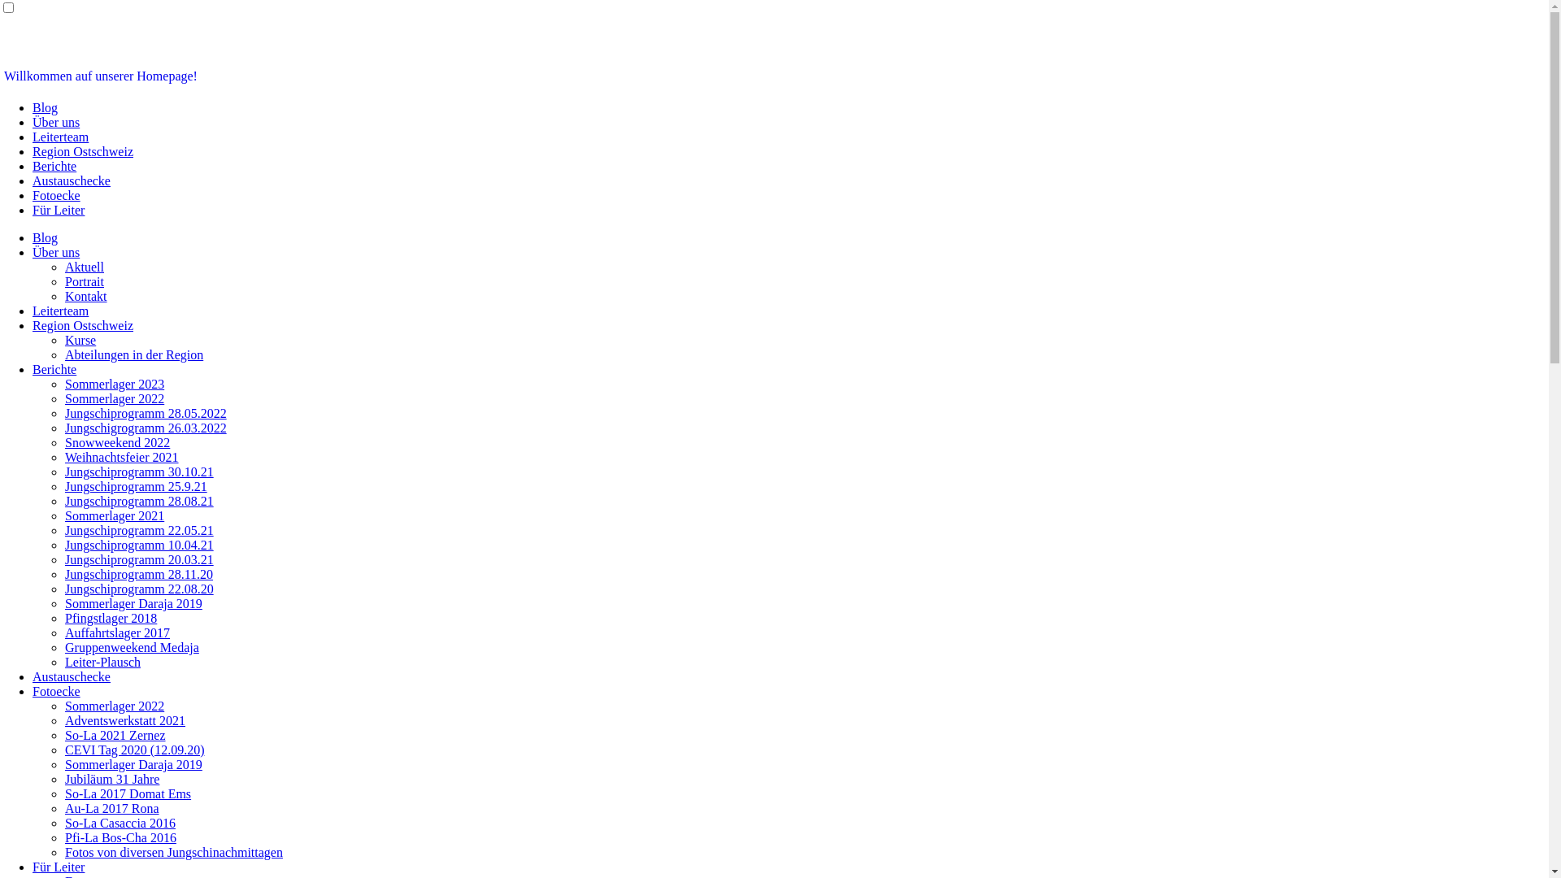 This screenshot has width=1561, height=878. Describe the element at coordinates (113, 384) in the screenshot. I see `'Sommerlager 2023'` at that location.